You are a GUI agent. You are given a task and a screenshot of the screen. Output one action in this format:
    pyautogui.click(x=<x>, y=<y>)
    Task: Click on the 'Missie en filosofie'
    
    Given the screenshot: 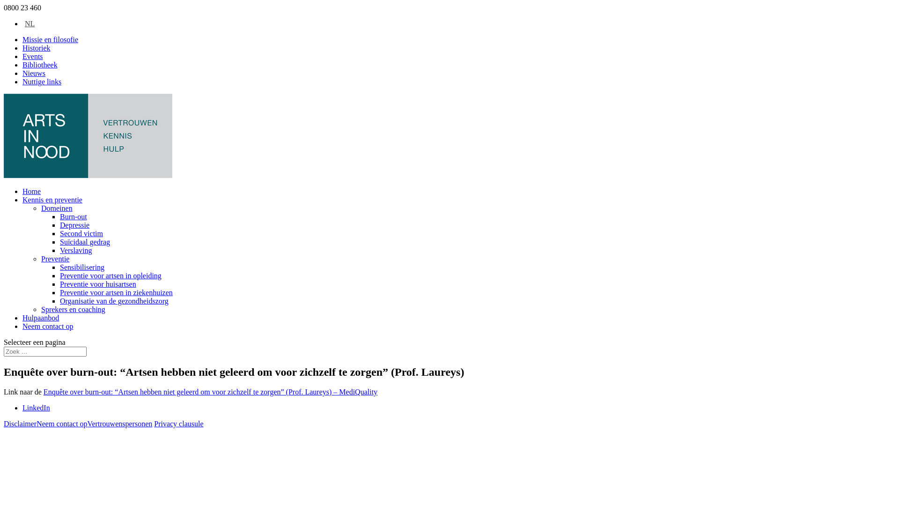 What is the action you would take?
    pyautogui.click(x=50, y=39)
    